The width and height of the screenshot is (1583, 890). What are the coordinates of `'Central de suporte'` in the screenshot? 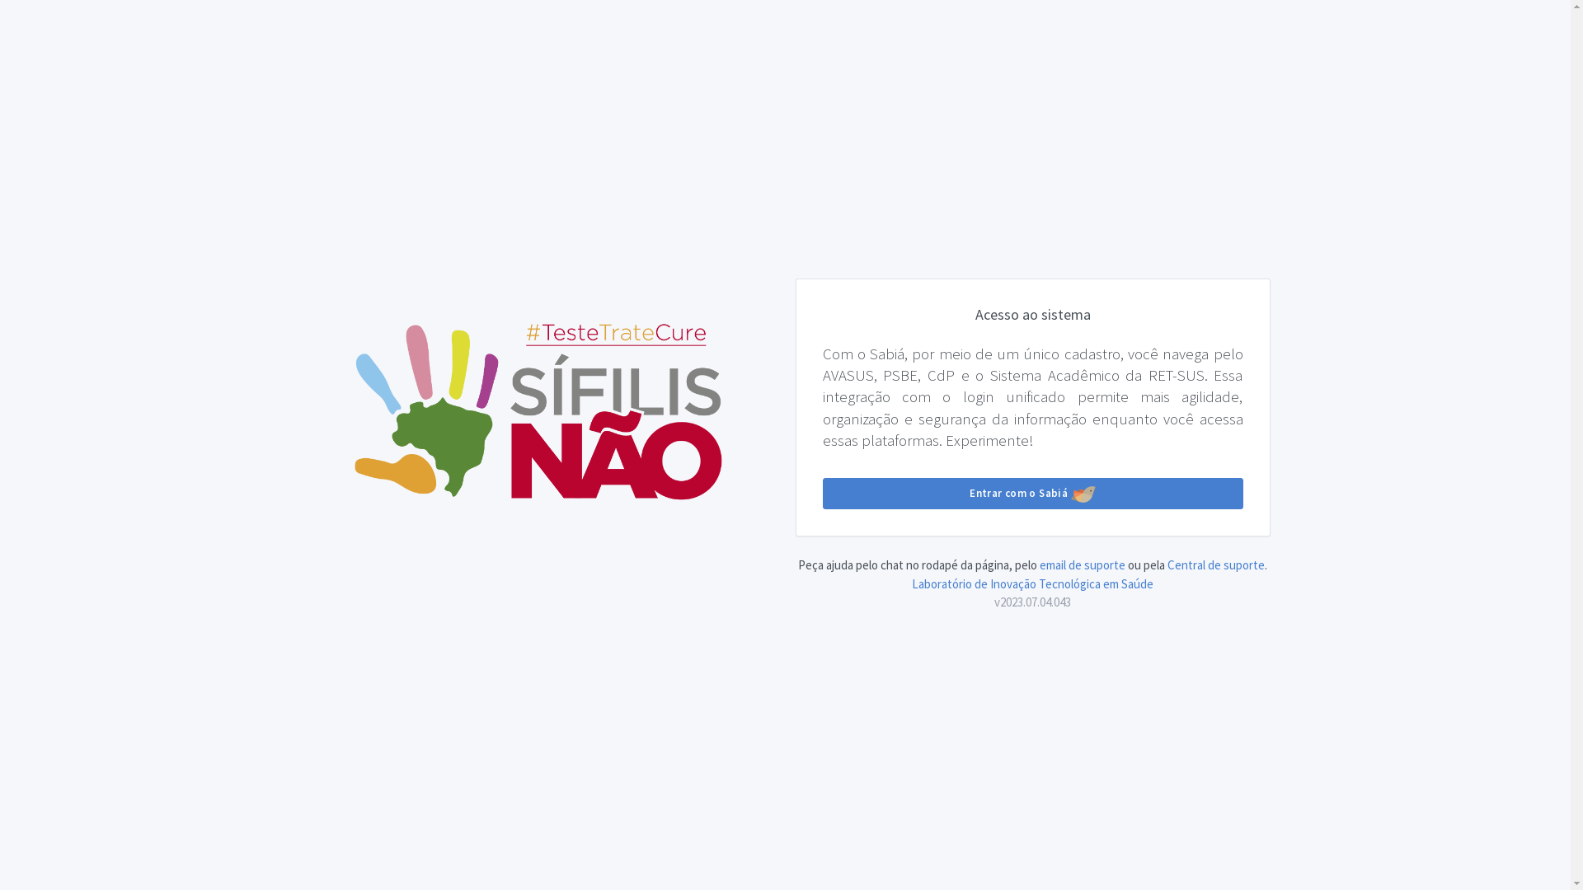 It's located at (1167, 564).